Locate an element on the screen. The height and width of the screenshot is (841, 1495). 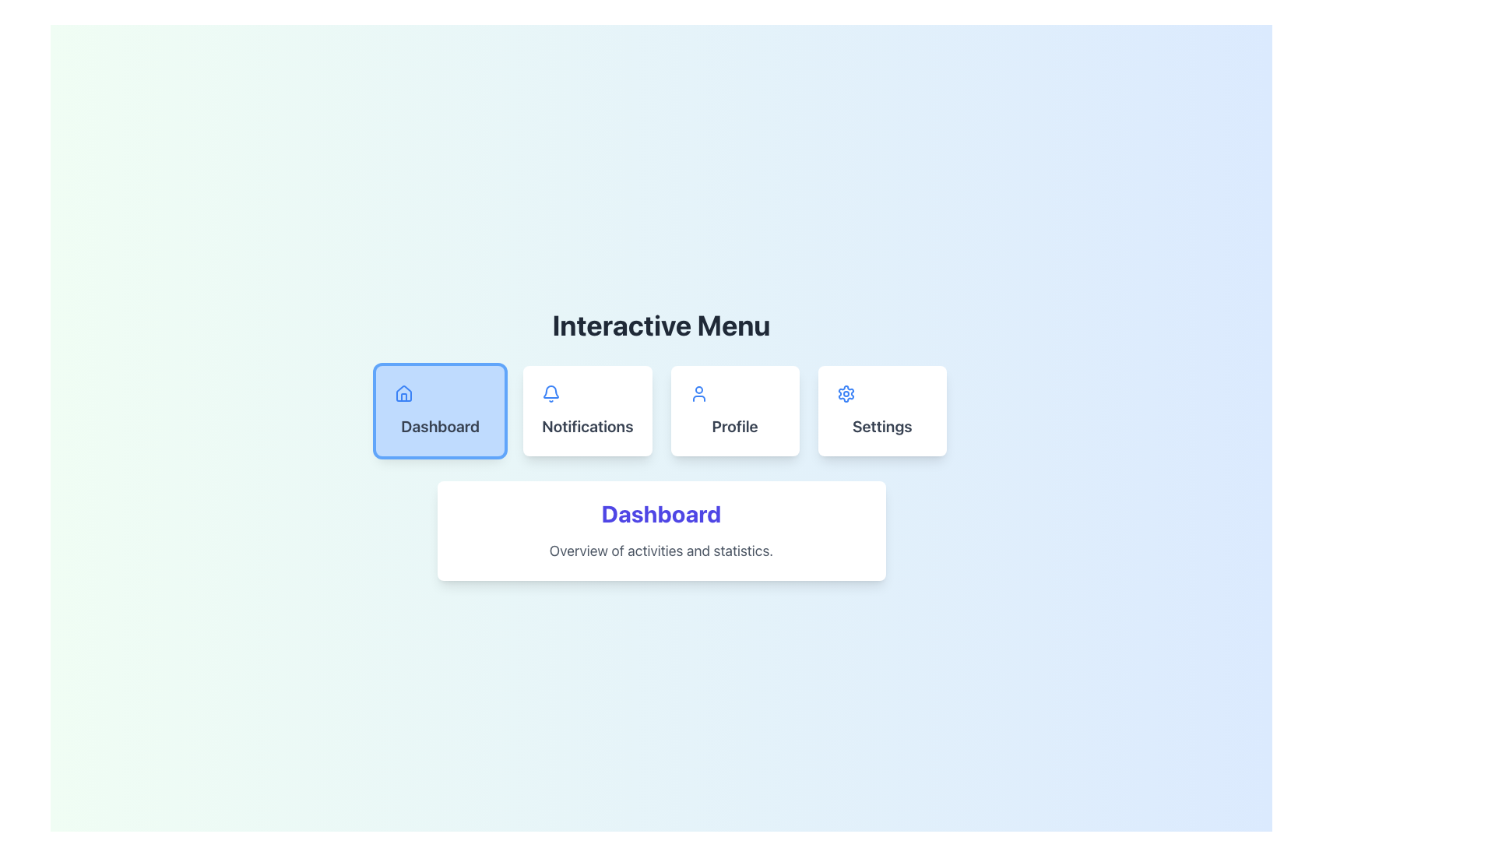
the static text label displaying 'Profile', which is styled in bold dark gray font within a white card with rounded corners, located in the third card from the left in a horizontal row is located at coordinates (734, 426).